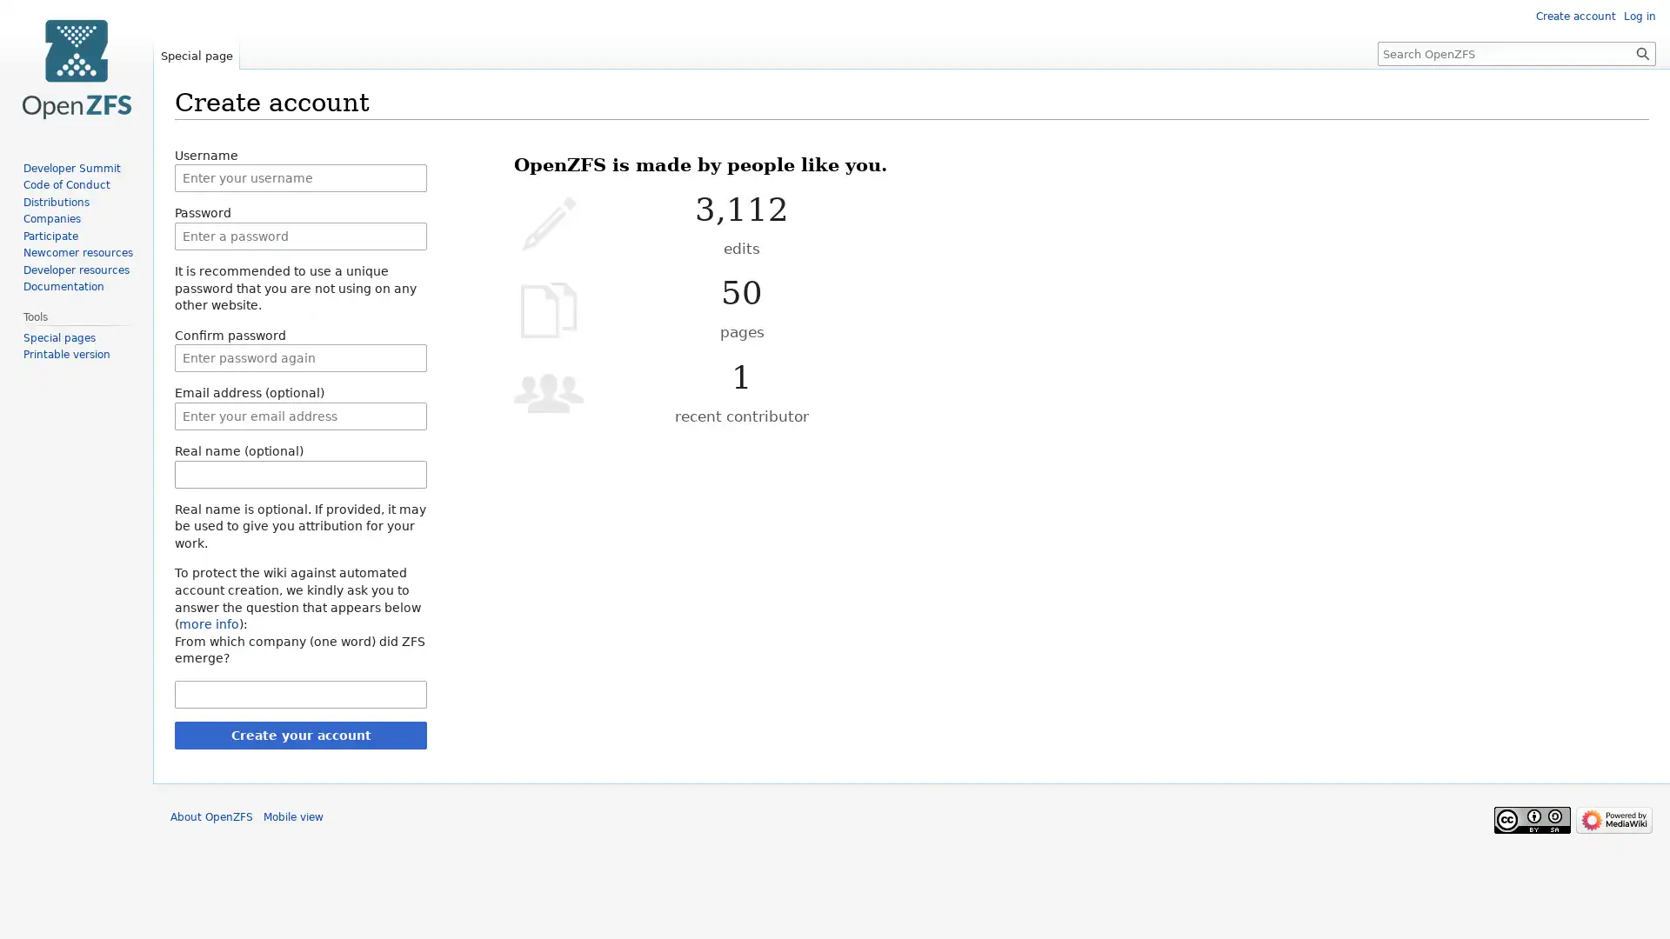 The height and width of the screenshot is (939, 1670). What do you see at coordinates (300, 734) in the screenshot?
I see `Create your account` at bounding box center [300, 734].